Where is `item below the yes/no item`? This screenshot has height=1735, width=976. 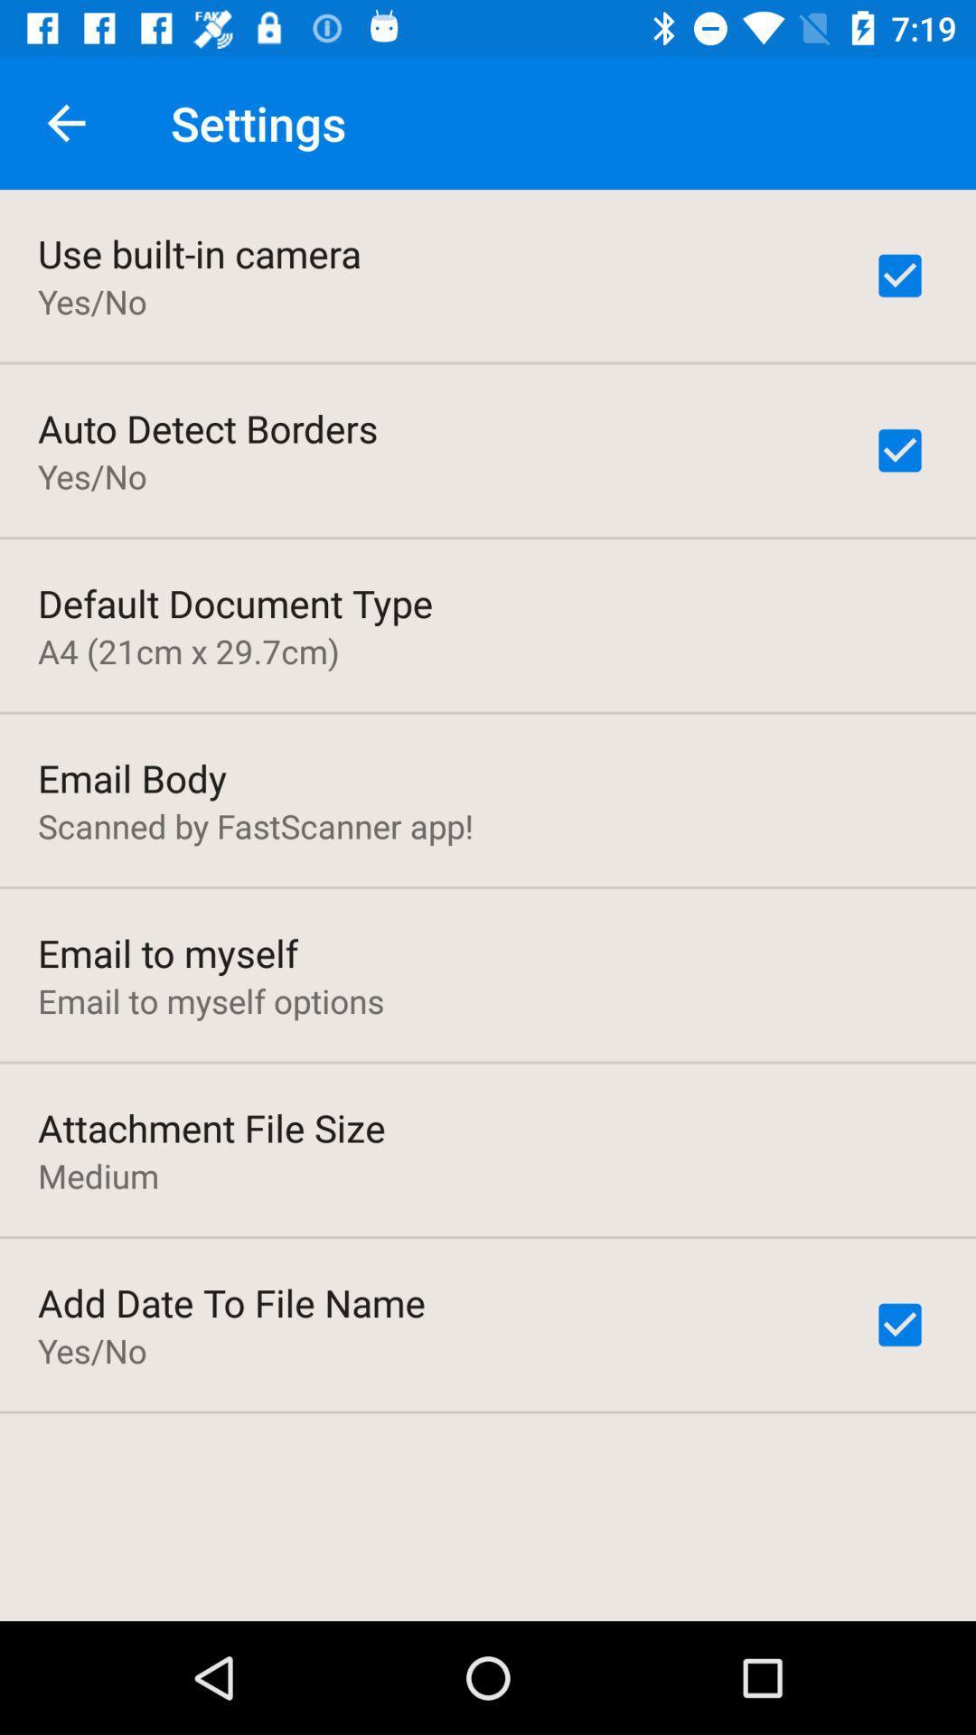
item below the yes/no item is located at coordinates (234, 603).